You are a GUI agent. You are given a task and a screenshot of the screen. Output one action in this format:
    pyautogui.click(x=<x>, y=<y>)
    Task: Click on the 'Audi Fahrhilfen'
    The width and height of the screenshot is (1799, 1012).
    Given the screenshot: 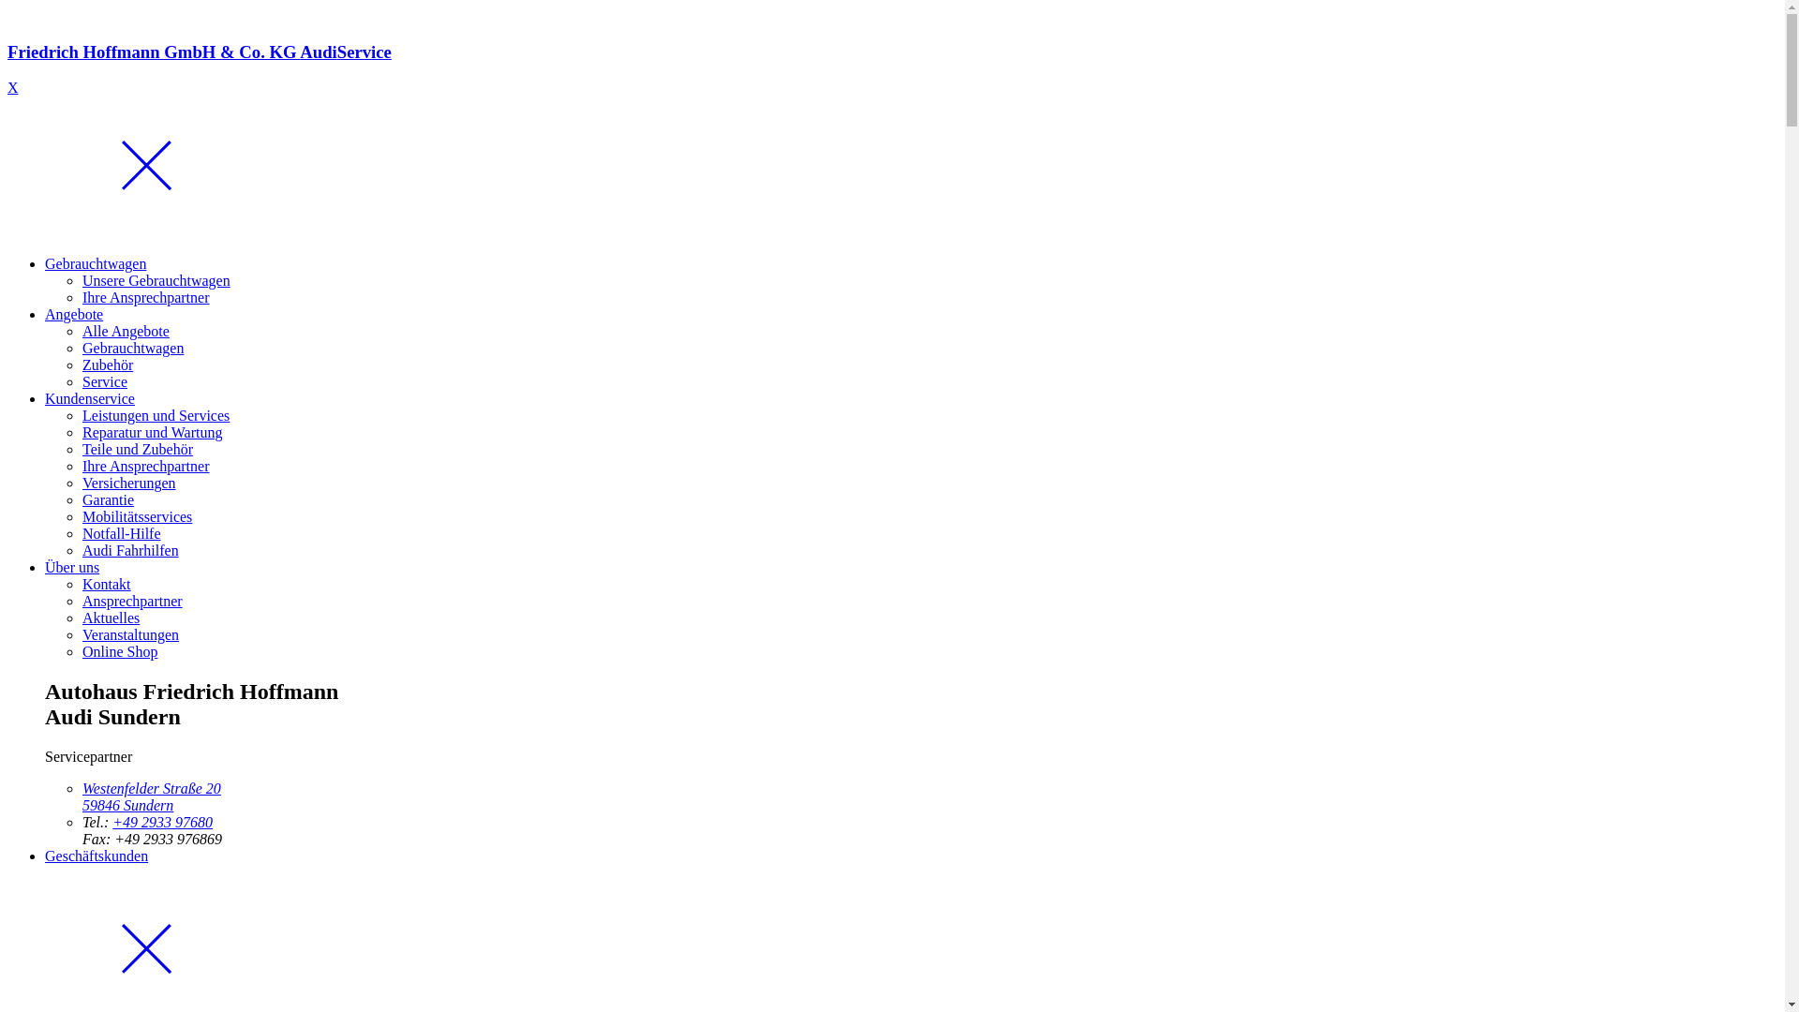 What is the action you would take?
    pyautogui.click(x=81, y=549)
    